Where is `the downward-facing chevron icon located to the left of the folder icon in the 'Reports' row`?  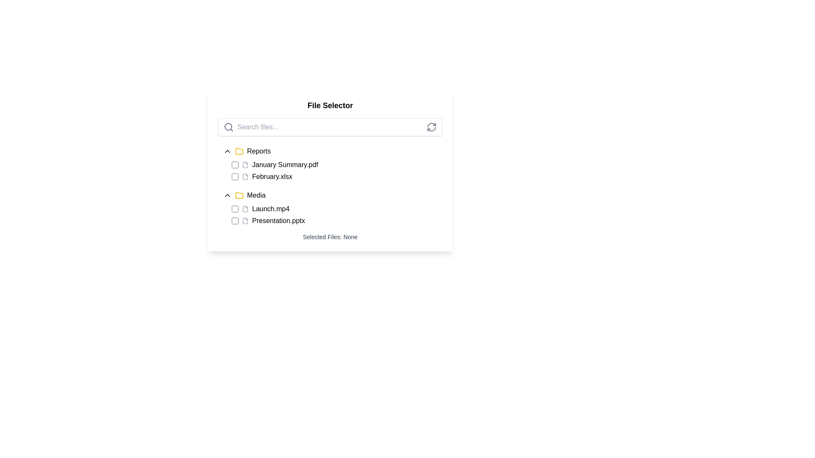
the downward-facing chevron icon located to the left of the folder icon in the 'Reports' row is located at coordinates (228, 151).